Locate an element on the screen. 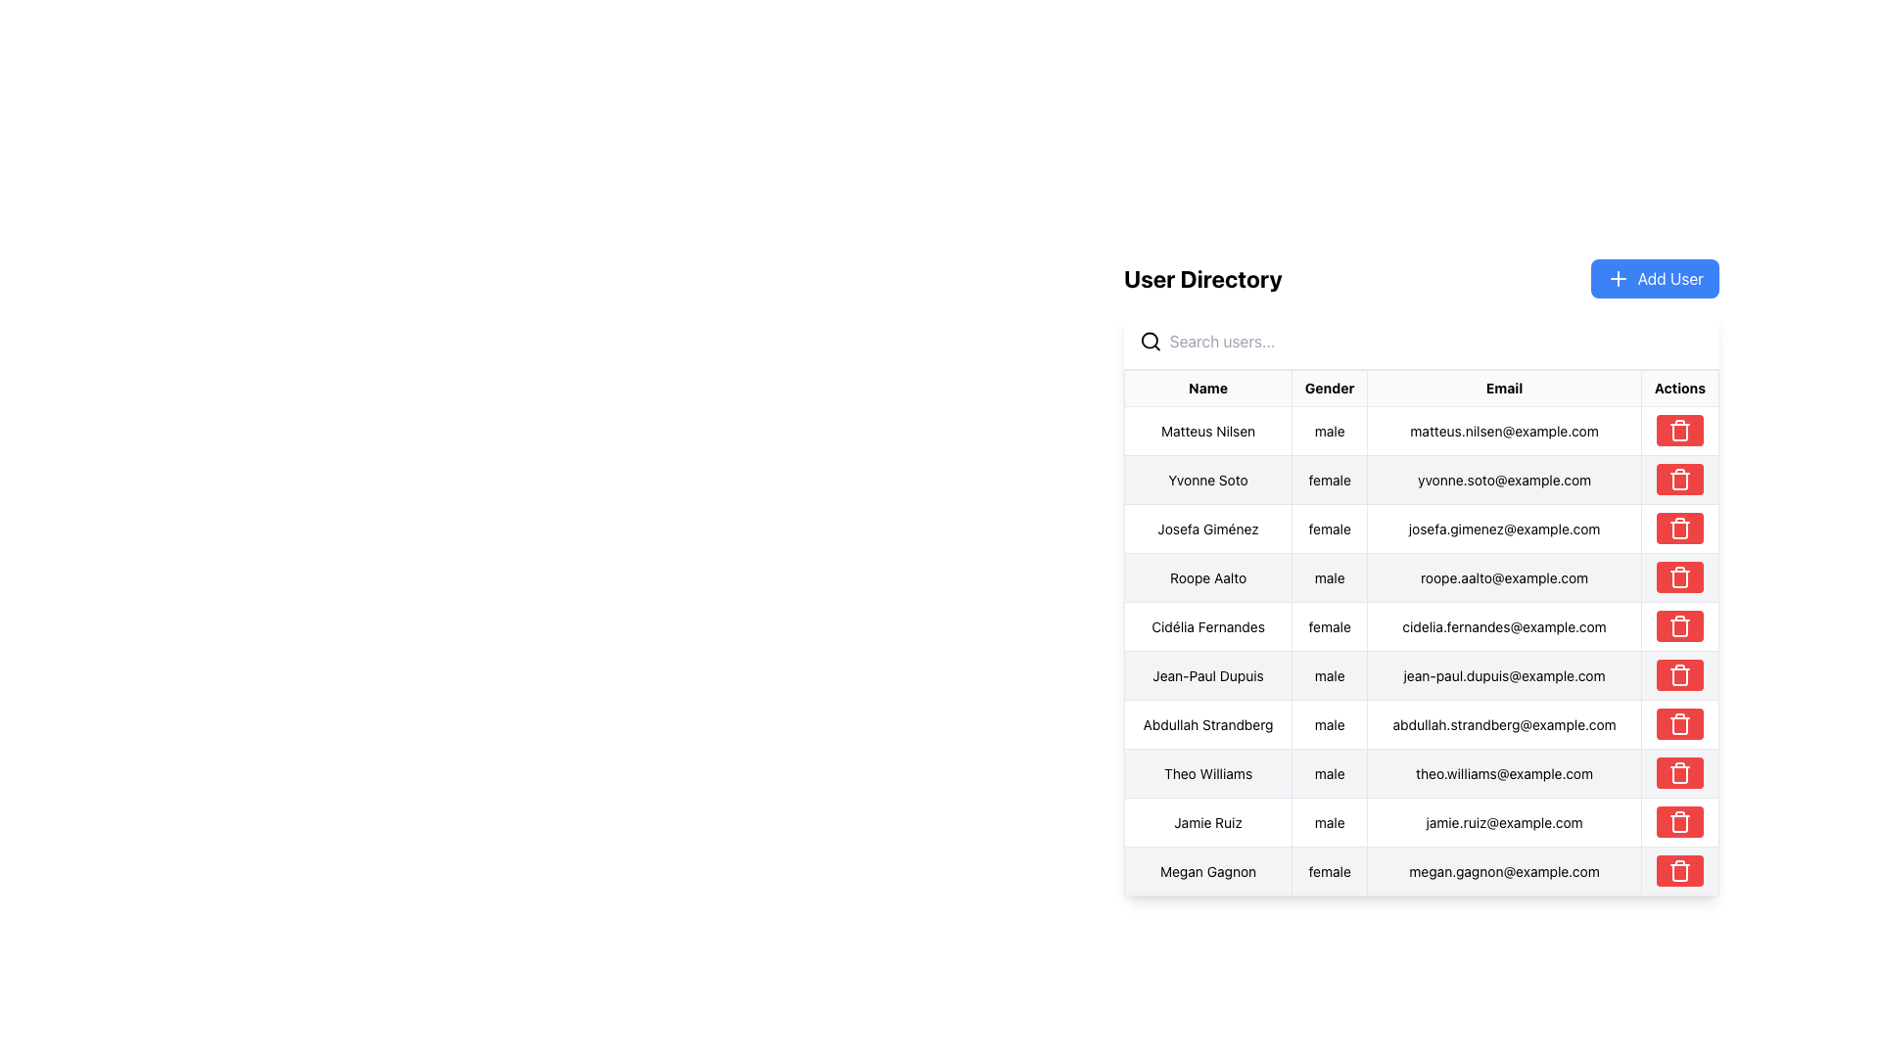  the delete button located in the 'Actions' column of the row for user 'Jamie Ruiz' in the 'User Directory' table to initiate the delete action for the user record is located at coordinates (1678, 822).